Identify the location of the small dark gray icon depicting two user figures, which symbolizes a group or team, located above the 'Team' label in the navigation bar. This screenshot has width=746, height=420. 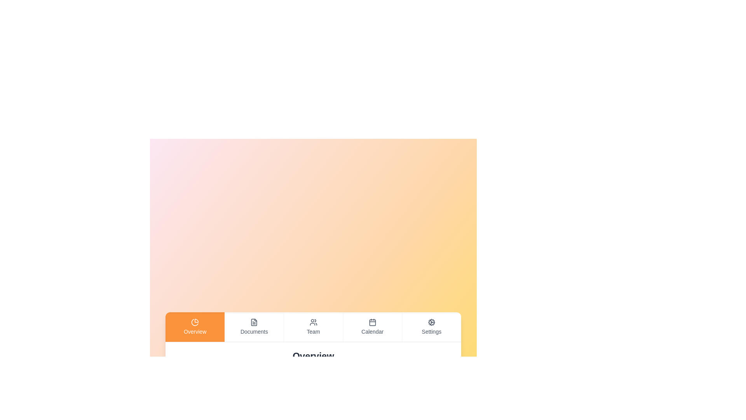
(313, 322).